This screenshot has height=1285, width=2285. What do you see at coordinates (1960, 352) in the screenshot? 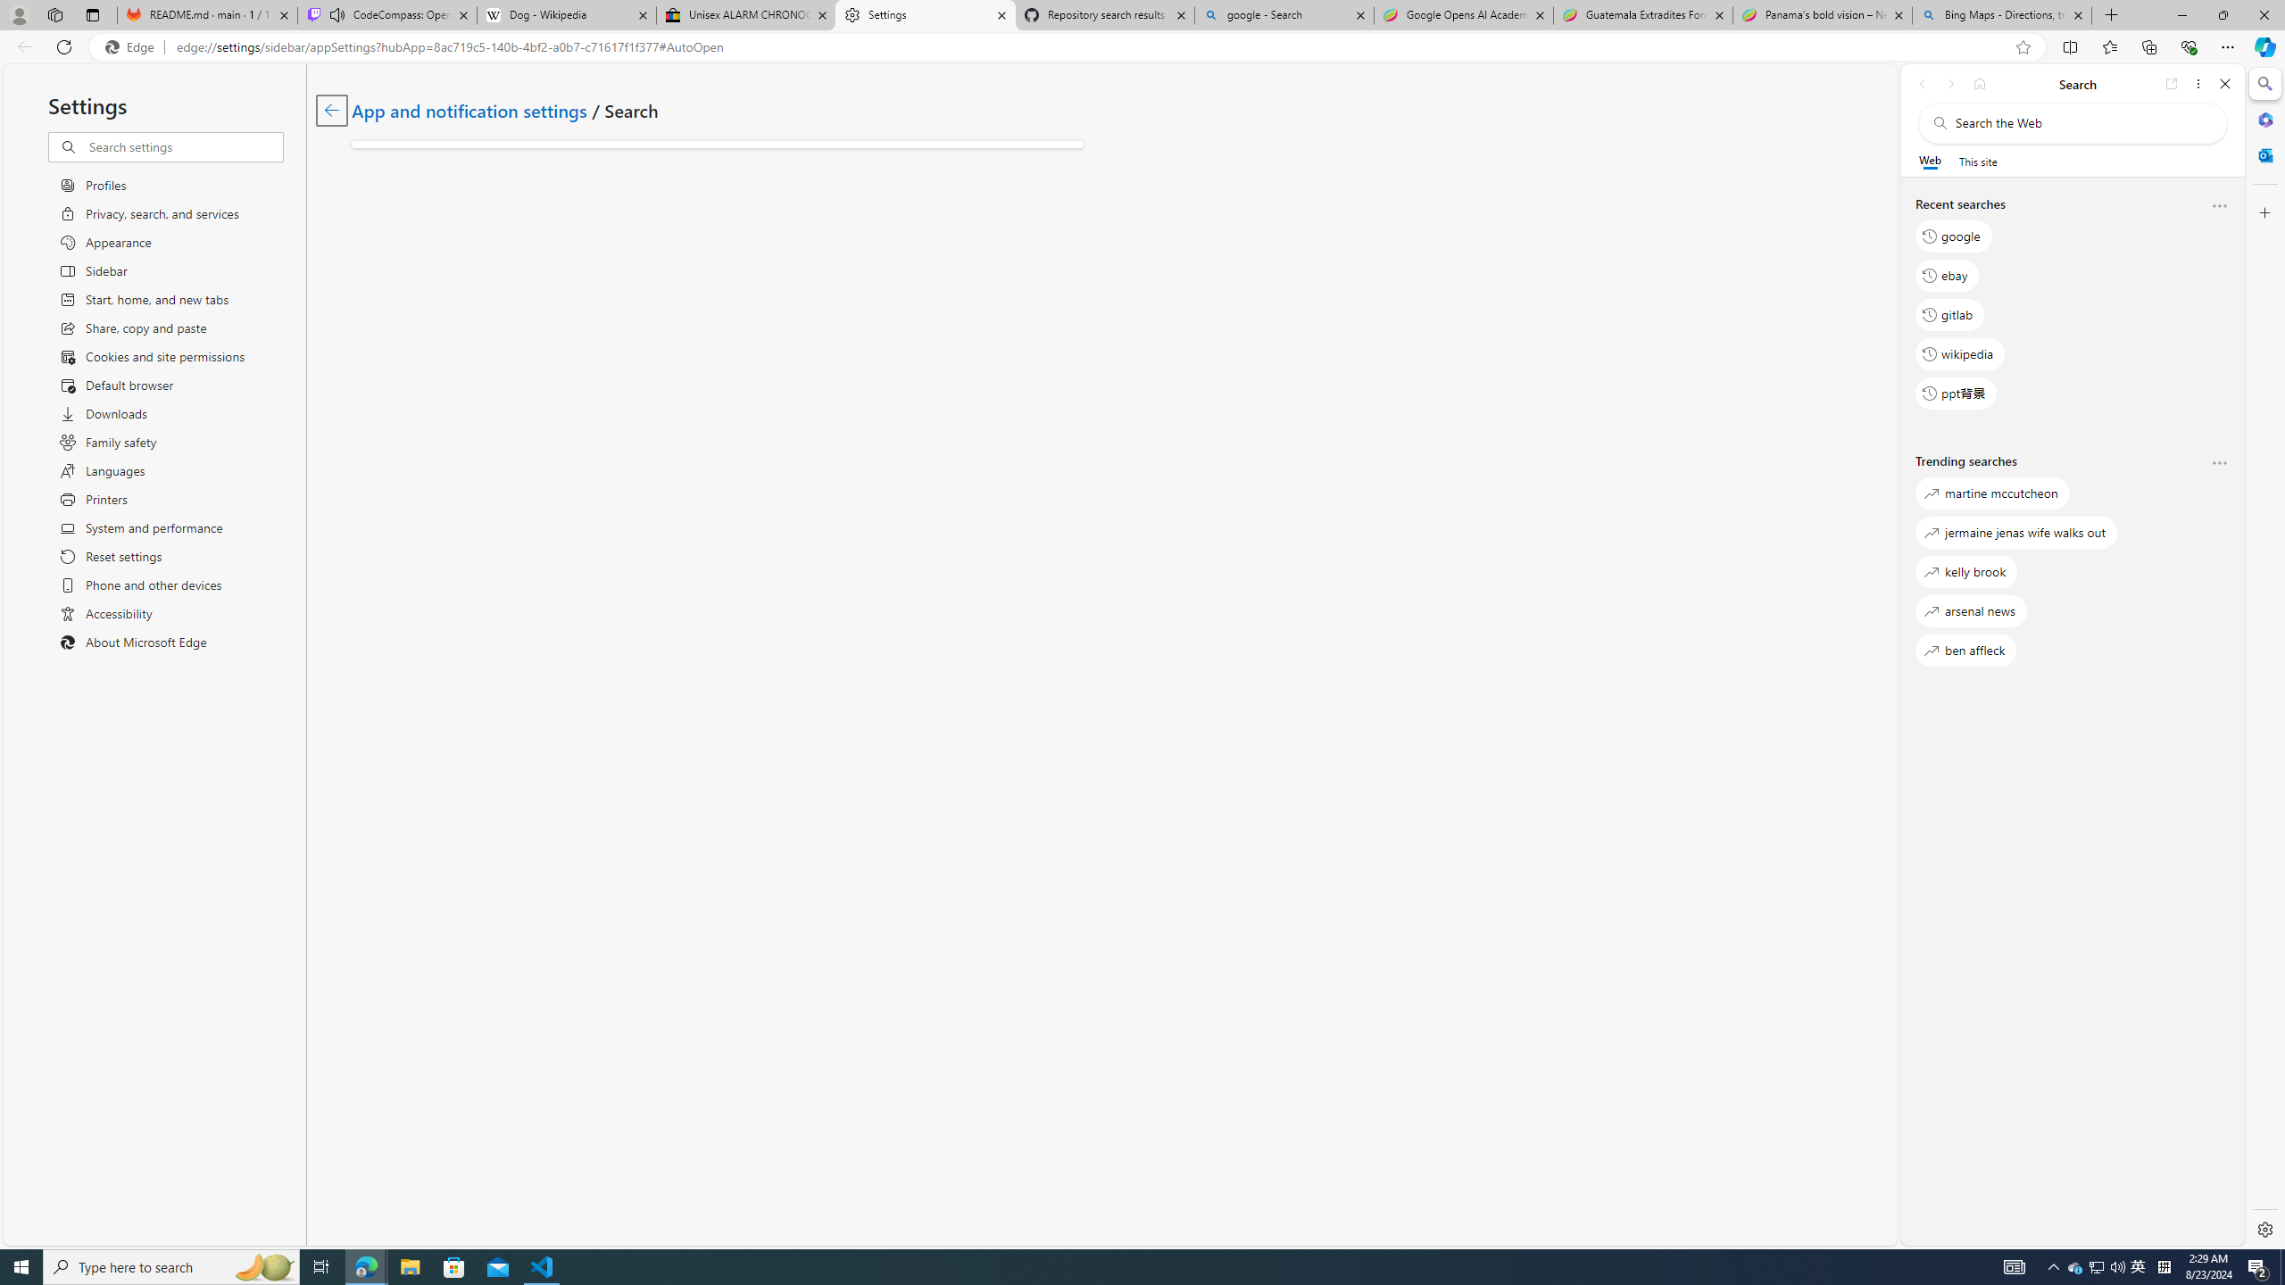
I see `'wikipedia'` at bounding box center [1960, 352].